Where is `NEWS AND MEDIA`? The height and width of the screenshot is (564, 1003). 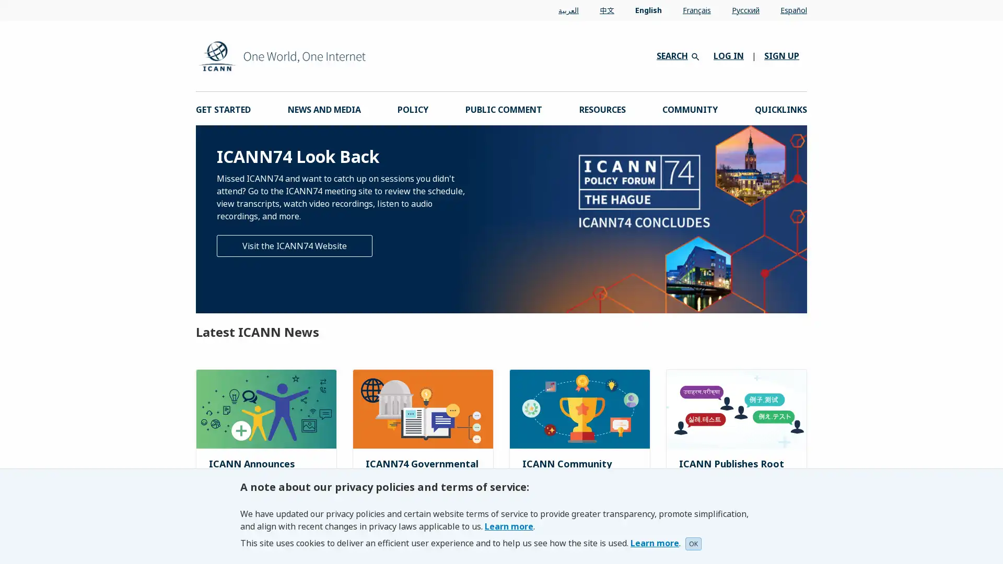 NEWS AND MEDIA is located at coordinates (323, 109).